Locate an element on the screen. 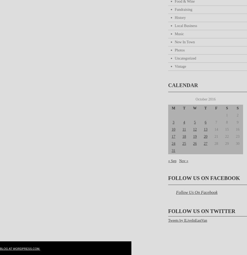 The image size is (247, 255). 'Uncategorized' is located at coordinates (185, 58).